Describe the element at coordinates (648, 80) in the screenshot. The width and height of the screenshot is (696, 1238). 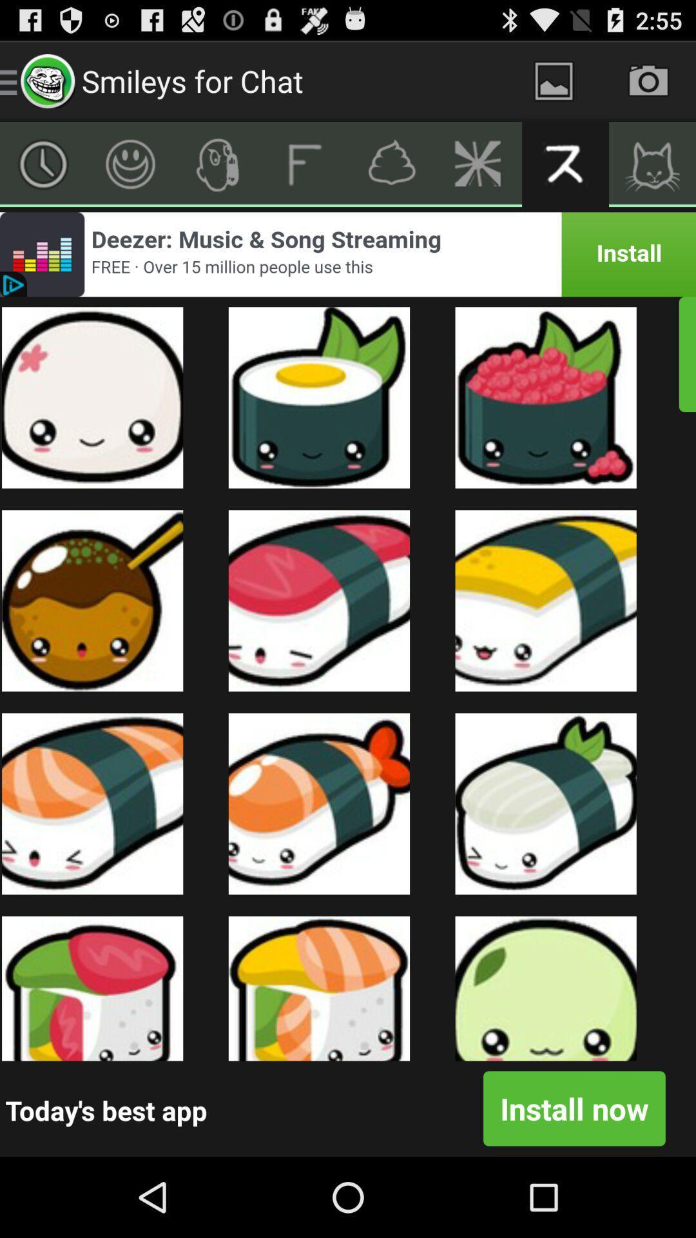
I see `open camera` at that location.